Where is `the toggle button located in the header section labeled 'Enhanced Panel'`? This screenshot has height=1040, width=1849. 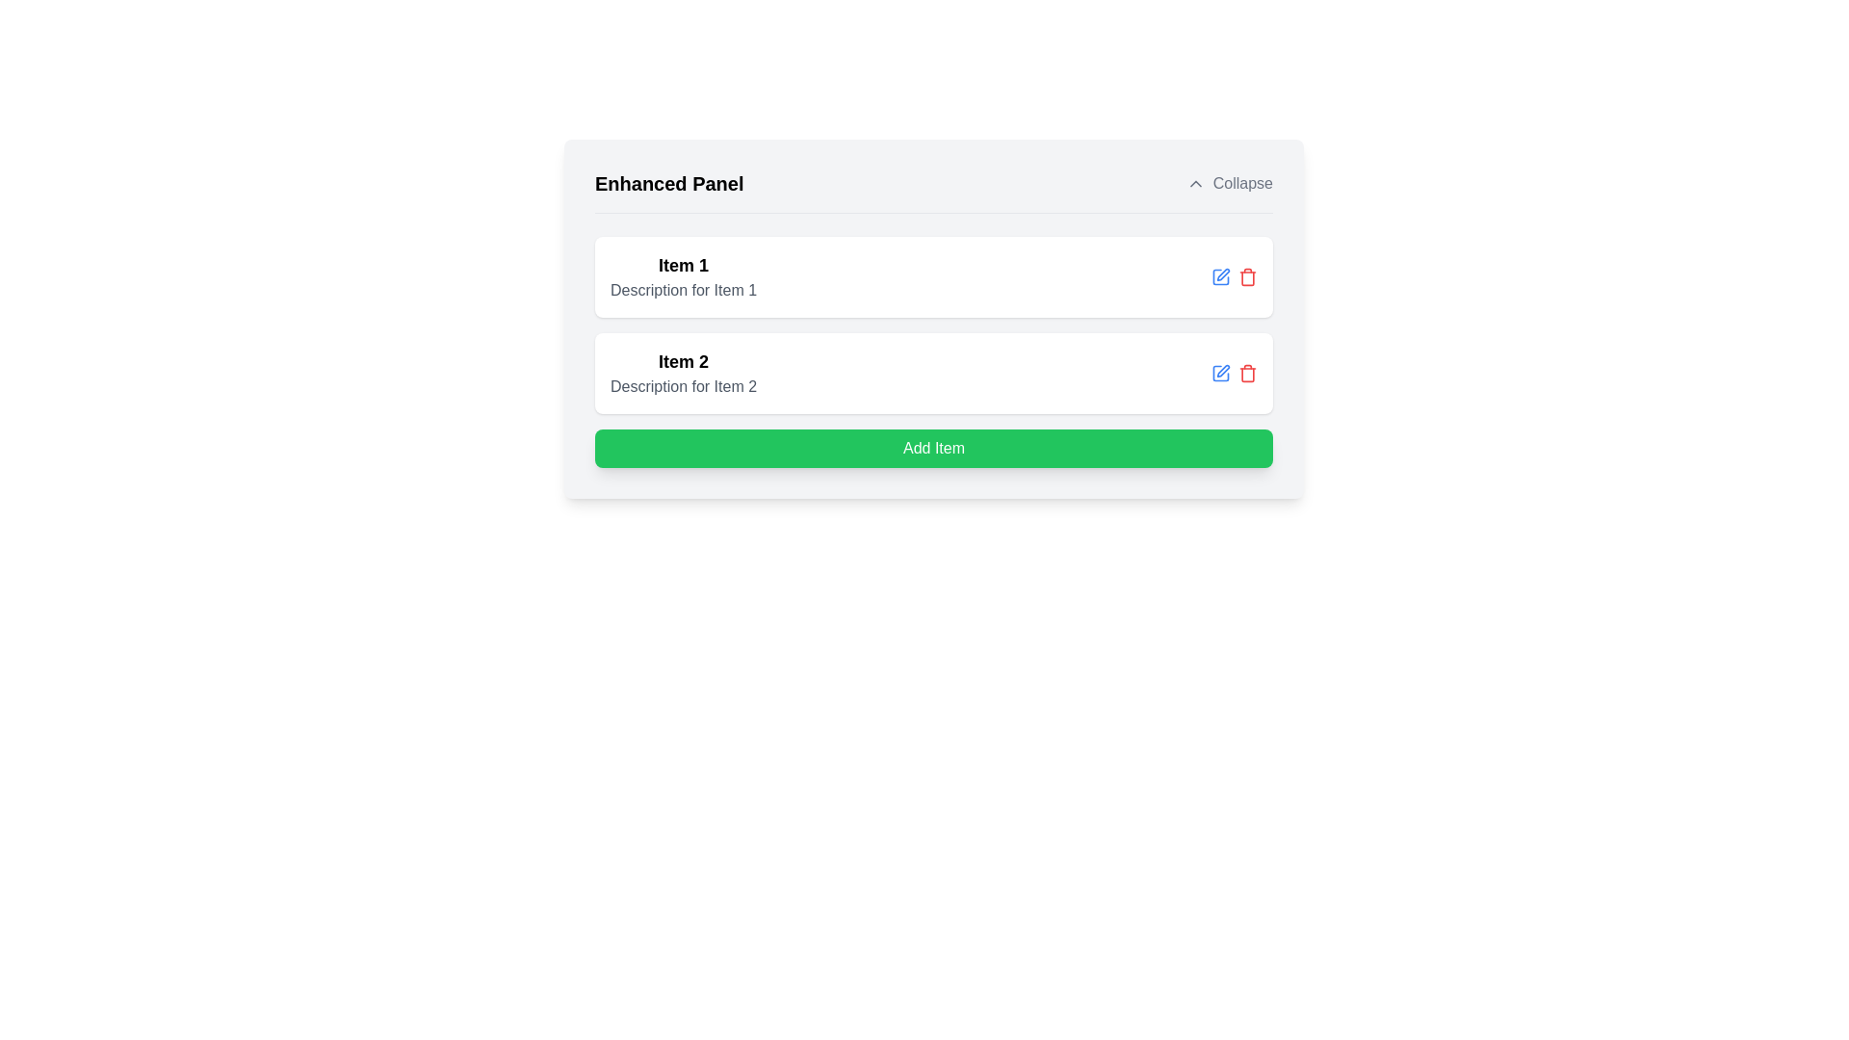 the toggle button located in the header section labeled 'Enhanced Panel' is located at coordinates (1228, 184).